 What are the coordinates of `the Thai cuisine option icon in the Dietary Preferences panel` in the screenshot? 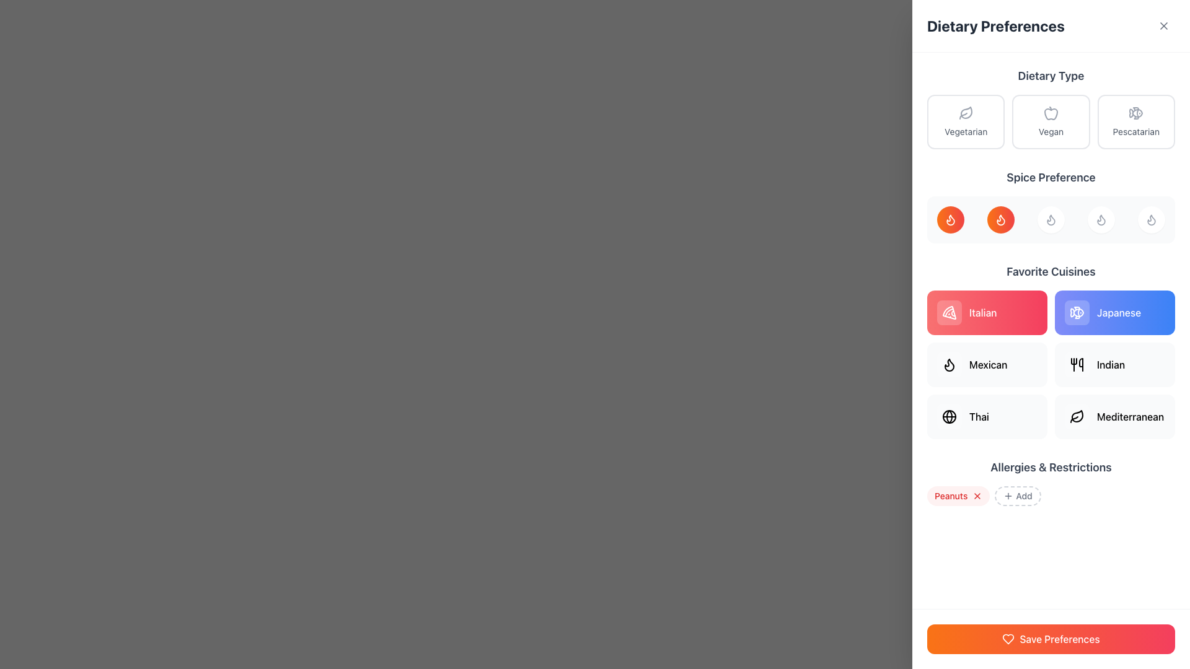 It's located at (948, 416).